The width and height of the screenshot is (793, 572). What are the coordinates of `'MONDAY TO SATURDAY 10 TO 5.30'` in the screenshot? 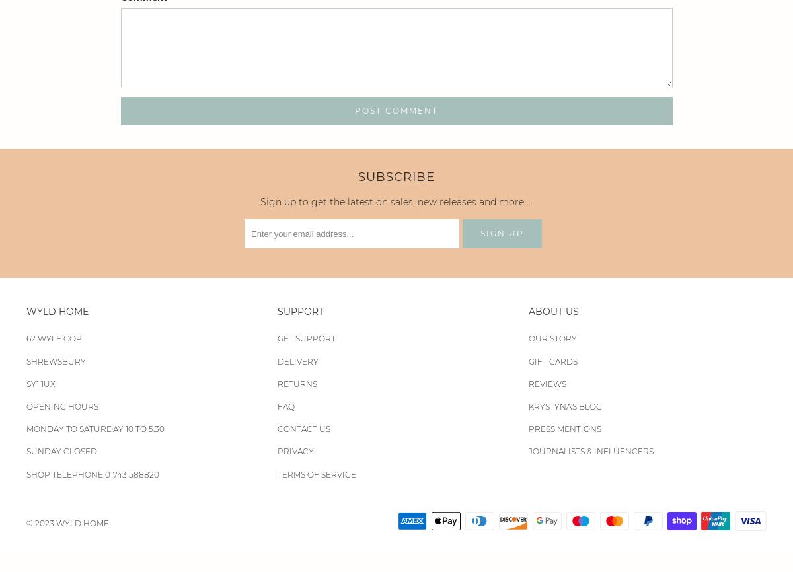 It's located at (95, 429).